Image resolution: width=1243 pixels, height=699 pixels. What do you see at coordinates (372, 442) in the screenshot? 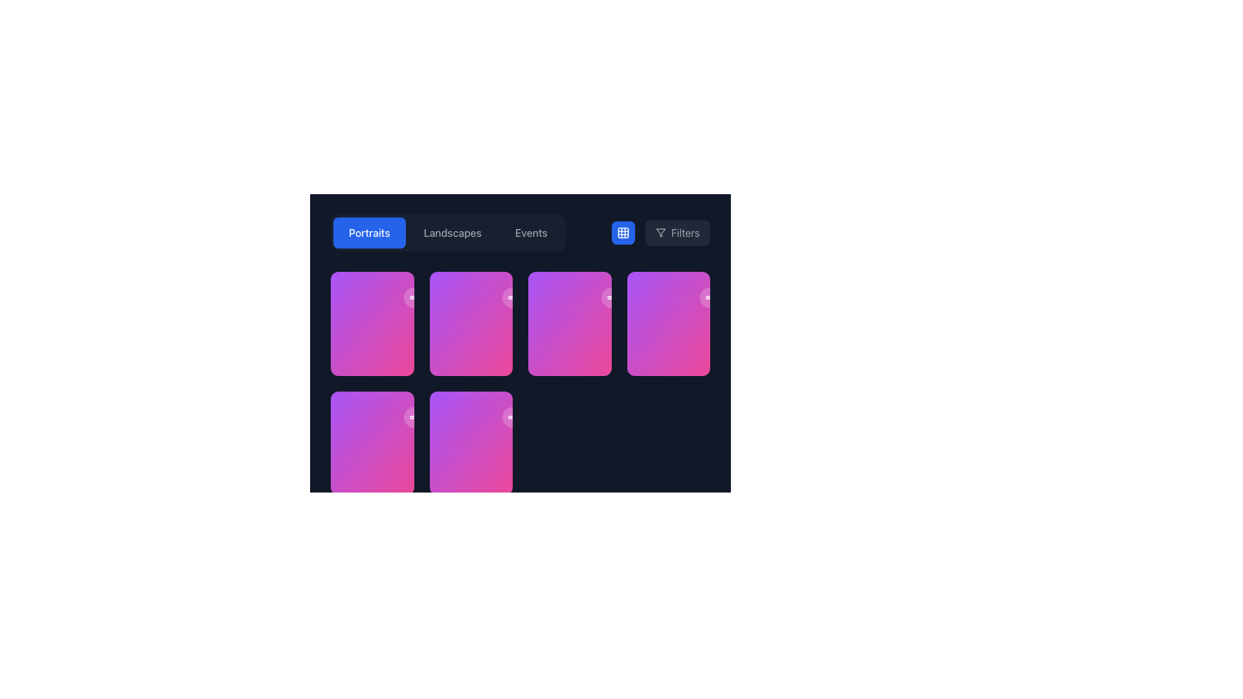
I see `the interactive card located in the second row and first column of the grid` at bounding box center [372, 442].